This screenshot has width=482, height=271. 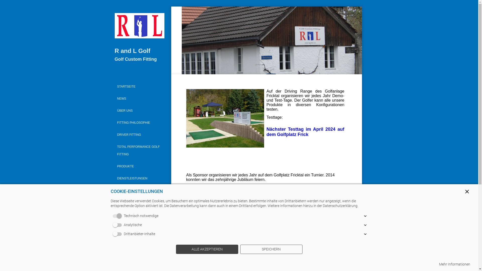 I want to click on 'Mehr Informationen', so click(x=454, y=264).